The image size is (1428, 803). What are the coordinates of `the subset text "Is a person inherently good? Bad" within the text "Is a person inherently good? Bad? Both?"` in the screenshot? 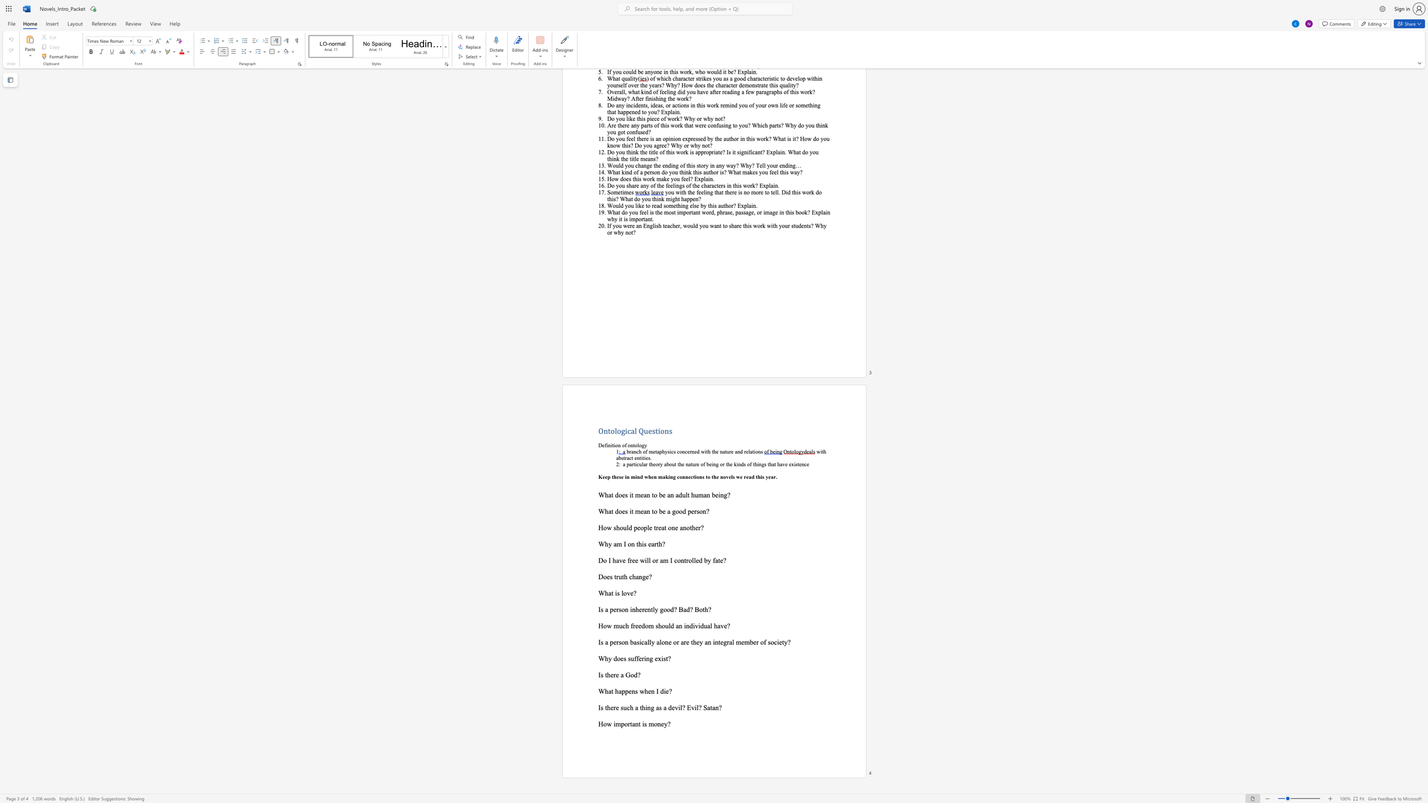 It's located at (598, 609).